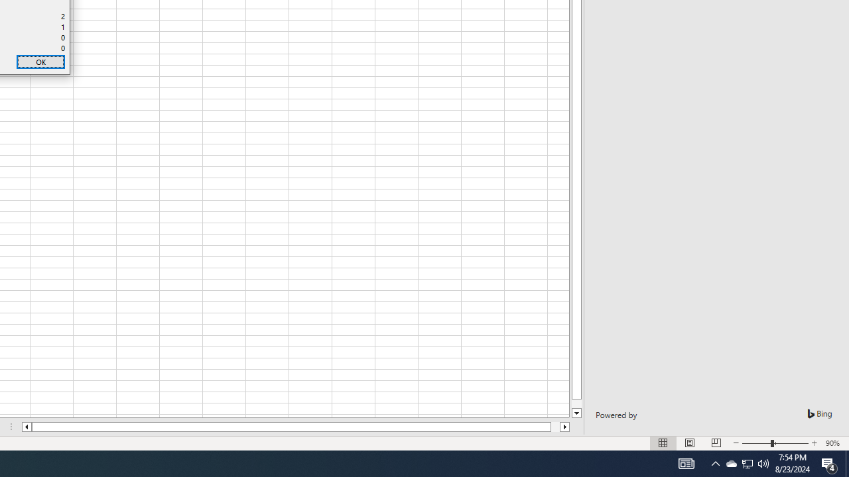 Image resolution: width=849 pixels, height=477 pixels. What do you see at coordinates (813, 443) in the screenshot?
I see `'Zoom In'` at bounding box center [813, 443].